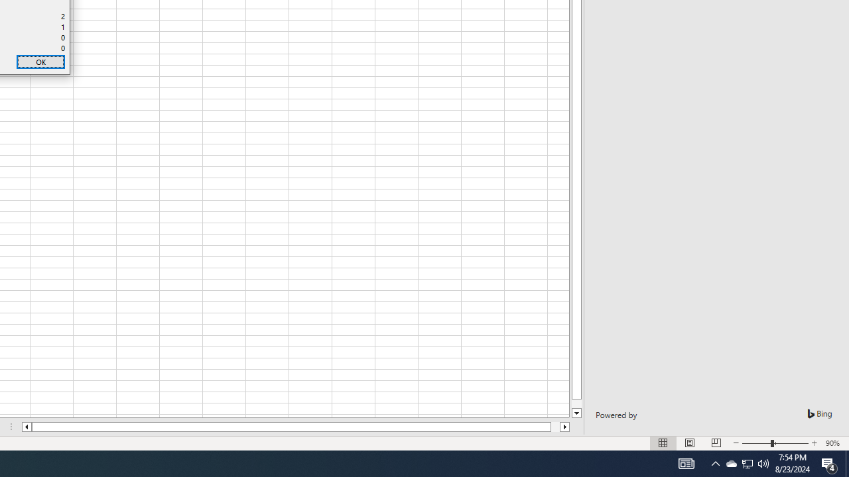 Image resolution: width=849 pixels, height=477 pixels. What do you see at coordinates (813, 443) in the screenshot?
I see `'Zoom In'` at bounding box center [813, 443].